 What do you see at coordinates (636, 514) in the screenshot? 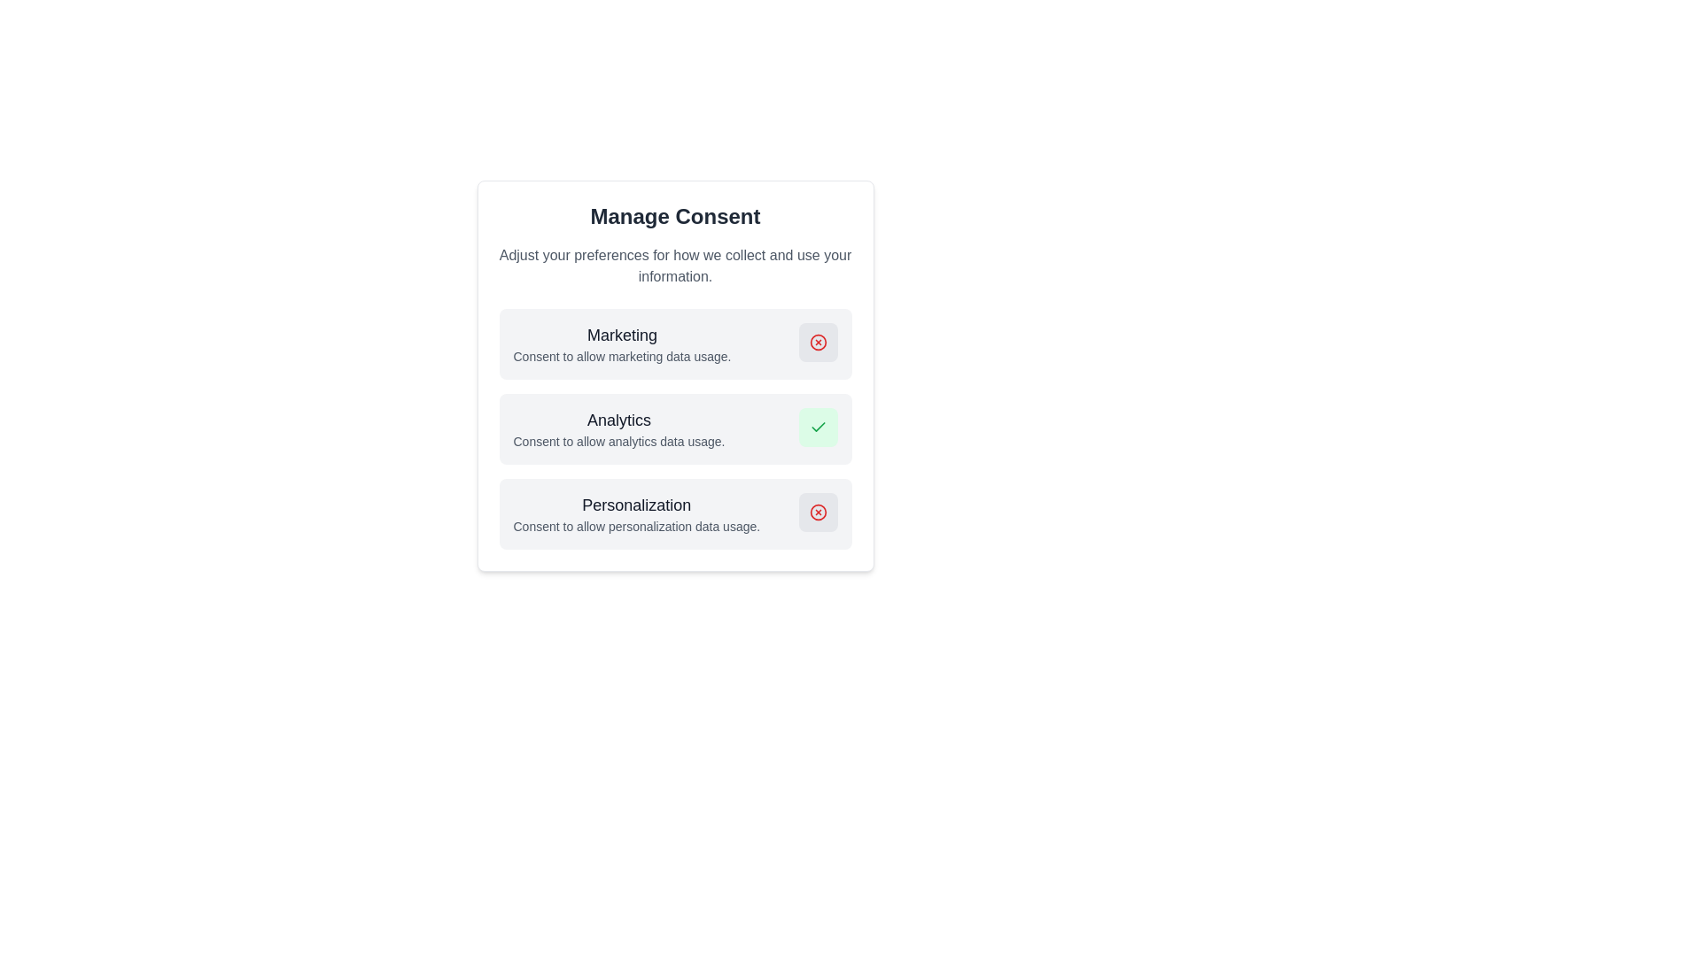
I see `the static text component that provides information about data usage consent for personalization, located in the 'Manage Consent' section, below the 'Analytics' card` at bounding box center [636, 514].